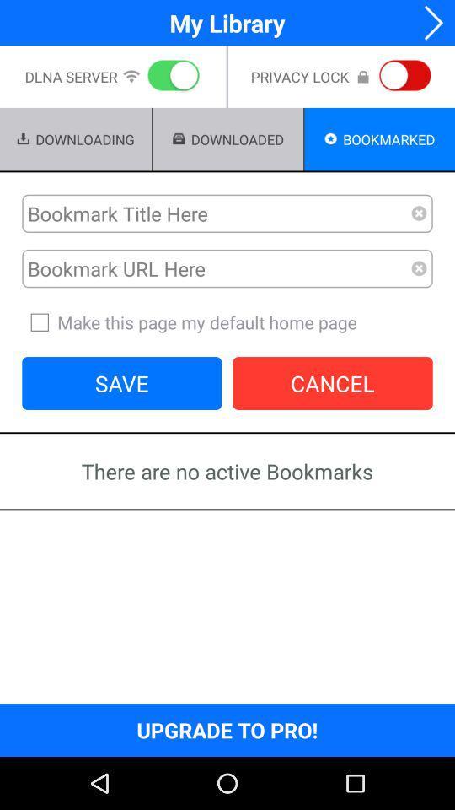  Describe the element at coordinates (401, 77) in the screenshot. I see `switch lock on` at that location.